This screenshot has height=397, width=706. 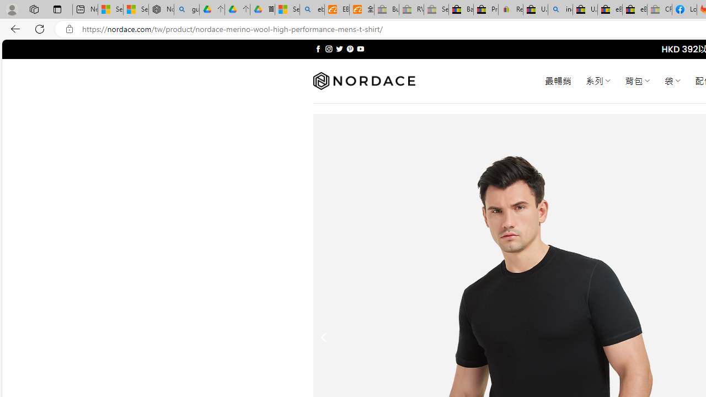 What do you see at coordinates (360, 49) in the screenshot?
I see `'Follow on YouTube'` at bounding box center [360, 49].